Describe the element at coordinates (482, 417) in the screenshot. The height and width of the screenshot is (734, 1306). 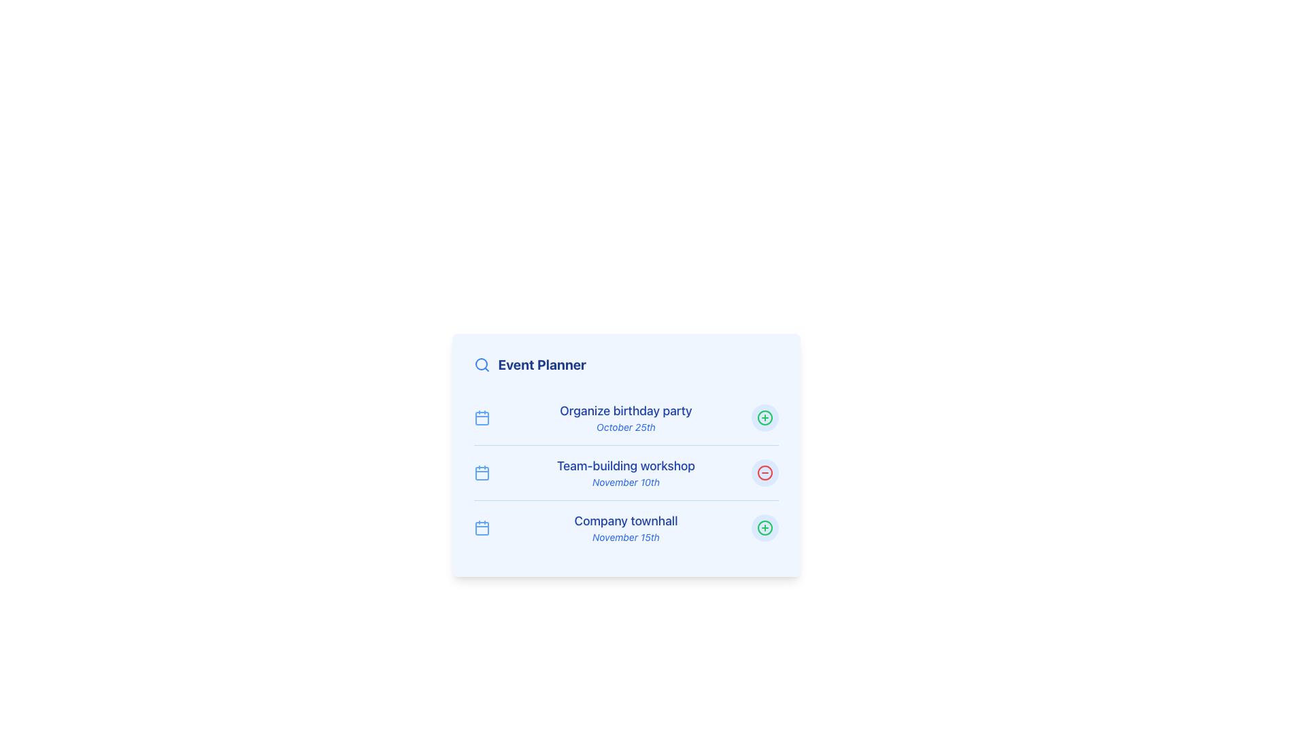
I see `the calendar icon located to the left of the 'Organize birthday party' item for the date 'October 25th' in the event planner interface` at that location.